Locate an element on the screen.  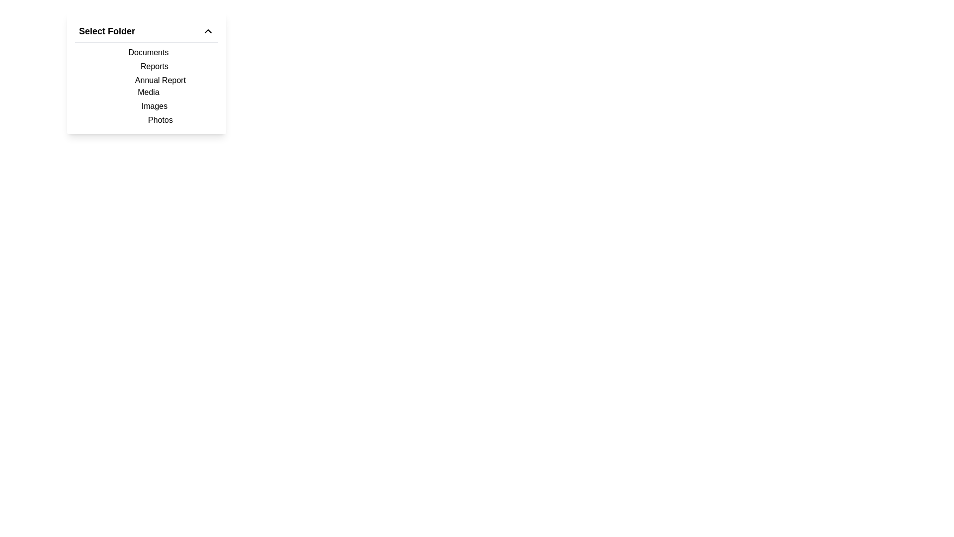
the 'Media' list item in the dropdown menu under 'Select Folder' for a visual response is located at coordinates (148, 92).